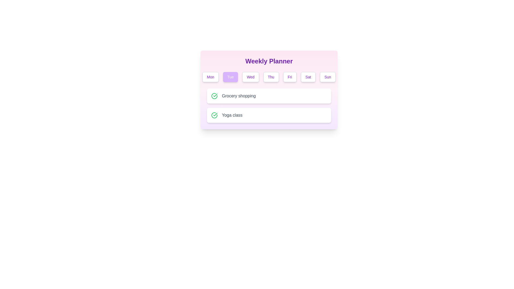  Describe the element at coordinates (327, 77) in the screenshot. I see `the element Sun to observe visual feedback` at that location.